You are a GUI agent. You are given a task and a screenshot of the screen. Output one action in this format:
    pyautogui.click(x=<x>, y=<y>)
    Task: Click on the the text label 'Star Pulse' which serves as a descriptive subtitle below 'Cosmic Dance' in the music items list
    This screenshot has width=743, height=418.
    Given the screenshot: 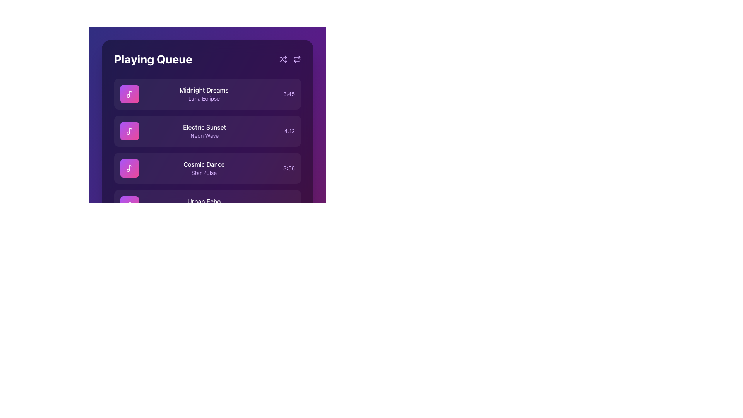 What is the action you would take?
    pyautogui.click(x=204, y=173)
    